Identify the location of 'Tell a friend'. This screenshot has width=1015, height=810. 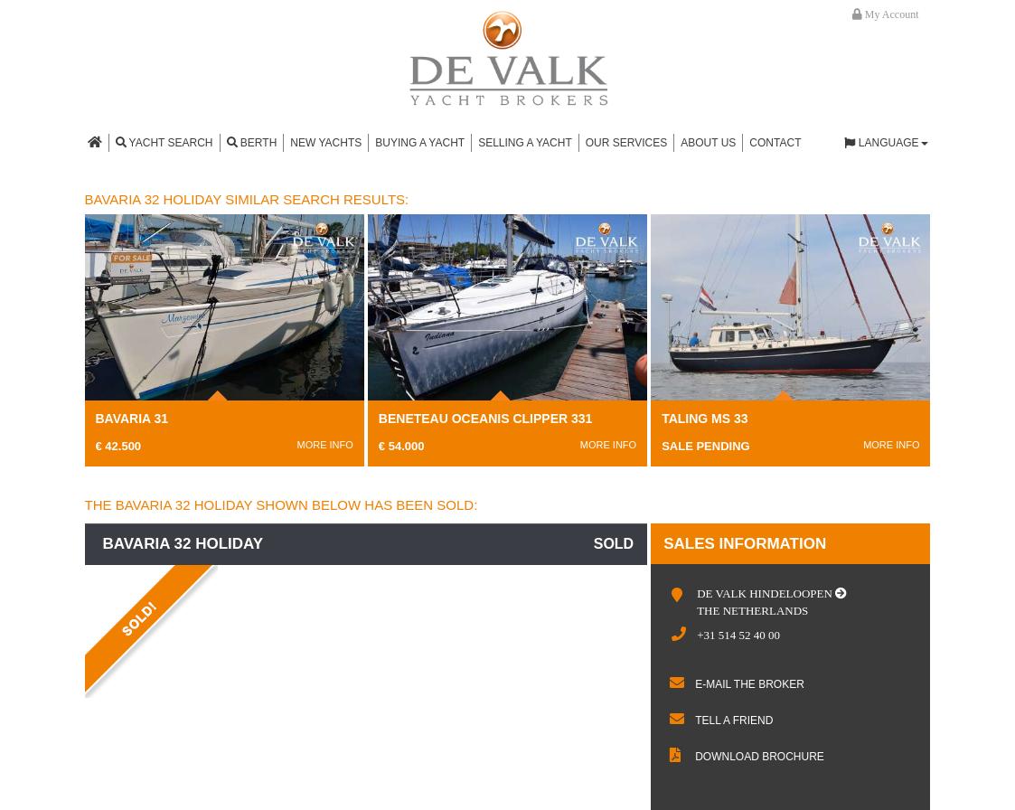
(733, 720).